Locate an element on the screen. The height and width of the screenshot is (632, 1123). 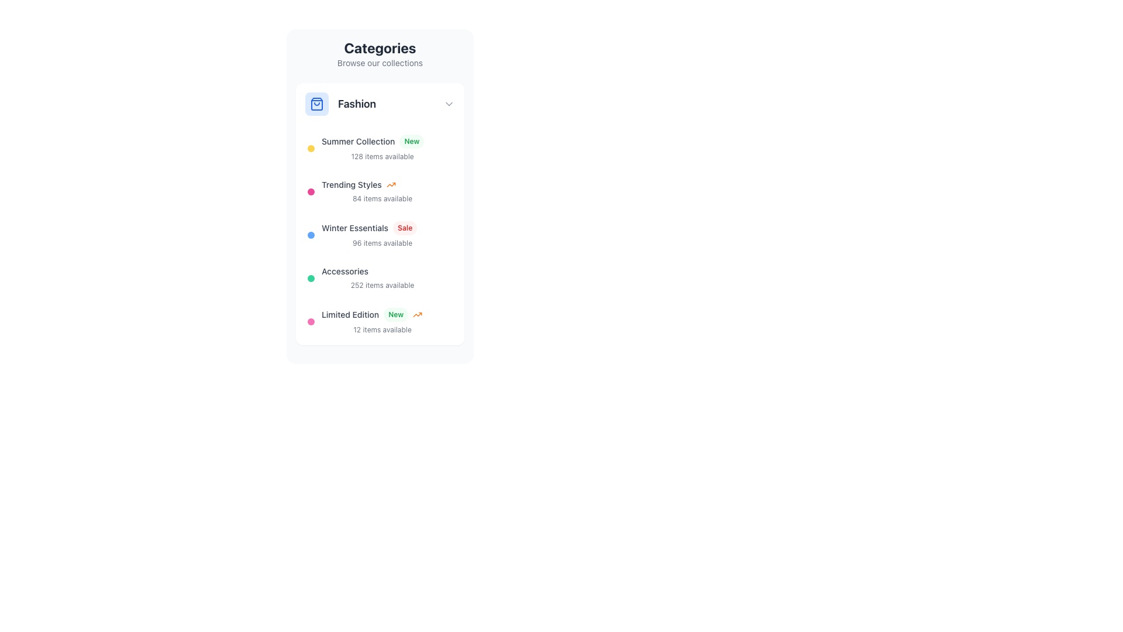
the Text Label displaying 'Summer Collection' with a green badge indicating 'New' and '128 items available' below it, located in the 'Fashion' category is located at coordinates (382, 148).